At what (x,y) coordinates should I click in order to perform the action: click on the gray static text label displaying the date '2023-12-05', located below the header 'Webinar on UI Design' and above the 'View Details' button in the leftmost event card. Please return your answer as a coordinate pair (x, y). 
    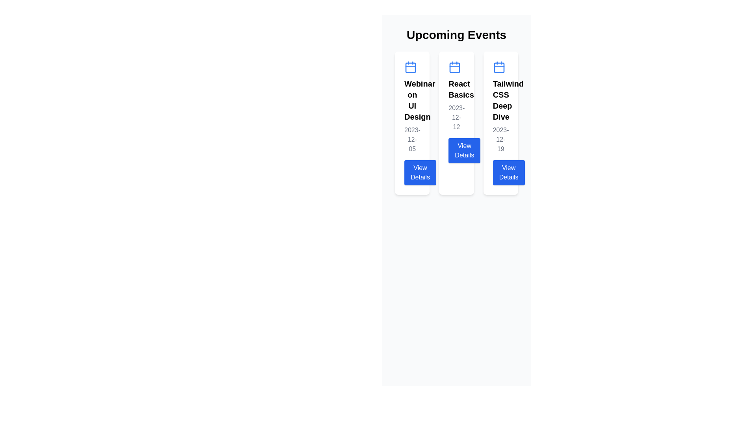
    Looking at the image, I should click on (412, 139).